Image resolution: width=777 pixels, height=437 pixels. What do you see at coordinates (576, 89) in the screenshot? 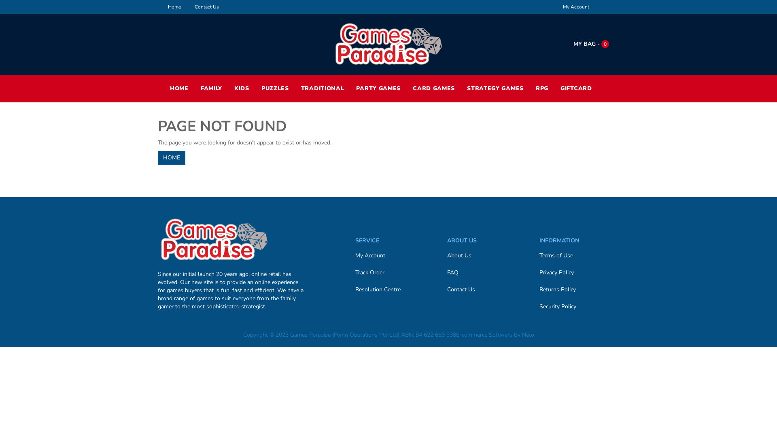
I see `'GIFTCARD'` at bounding box center [576, 89].